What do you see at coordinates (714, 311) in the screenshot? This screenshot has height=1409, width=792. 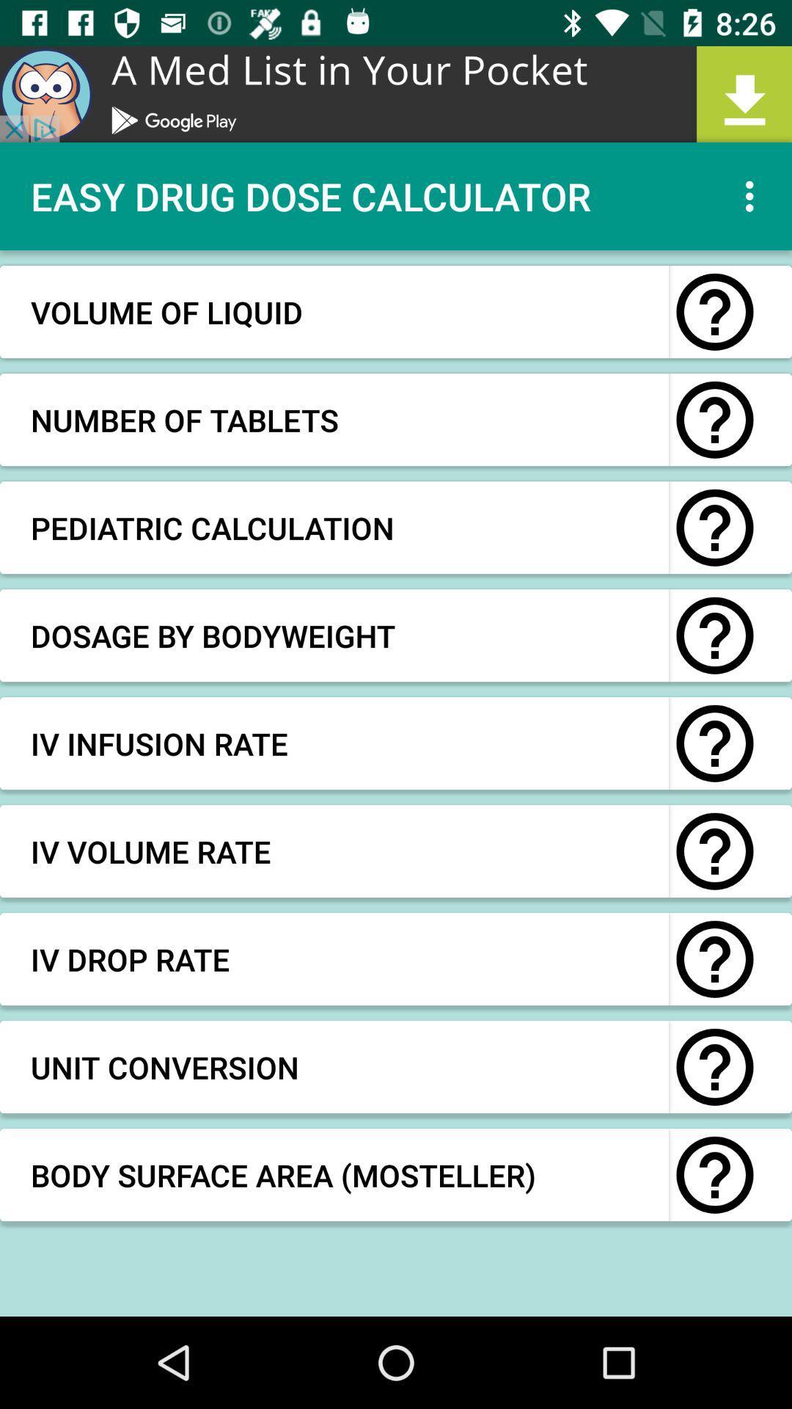 I see `more information` at bounding box center [714, 311].